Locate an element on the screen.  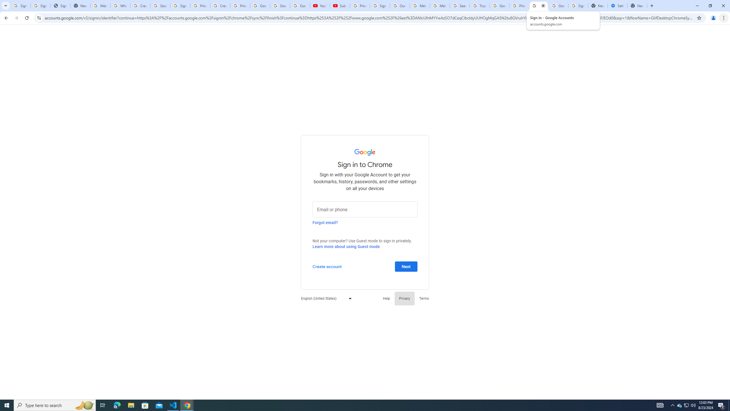
'New Tab' is located at coordinates (637, 5).